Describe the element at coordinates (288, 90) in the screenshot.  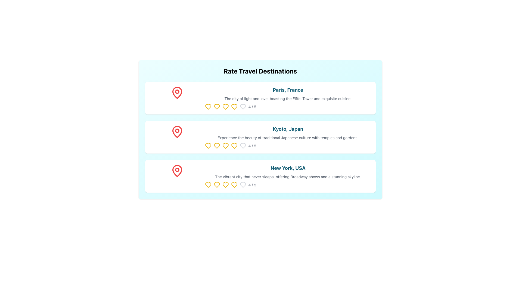
I see `text content of the bold, large-sized cyan header displaying 'Paris, France', located at the top of the first travel destination card` at that location.